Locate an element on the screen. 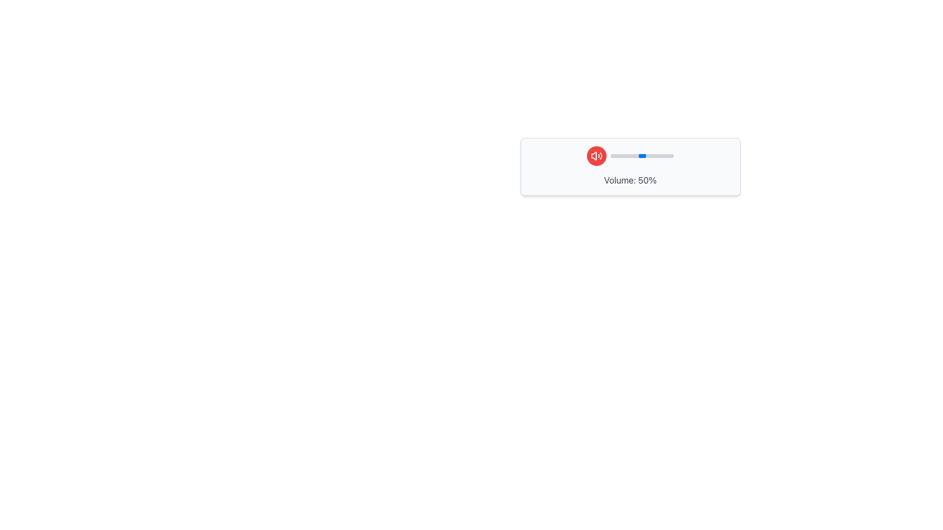 The width and height of the screenshot is (943, 530). volume is located at coordinates (640, 155).